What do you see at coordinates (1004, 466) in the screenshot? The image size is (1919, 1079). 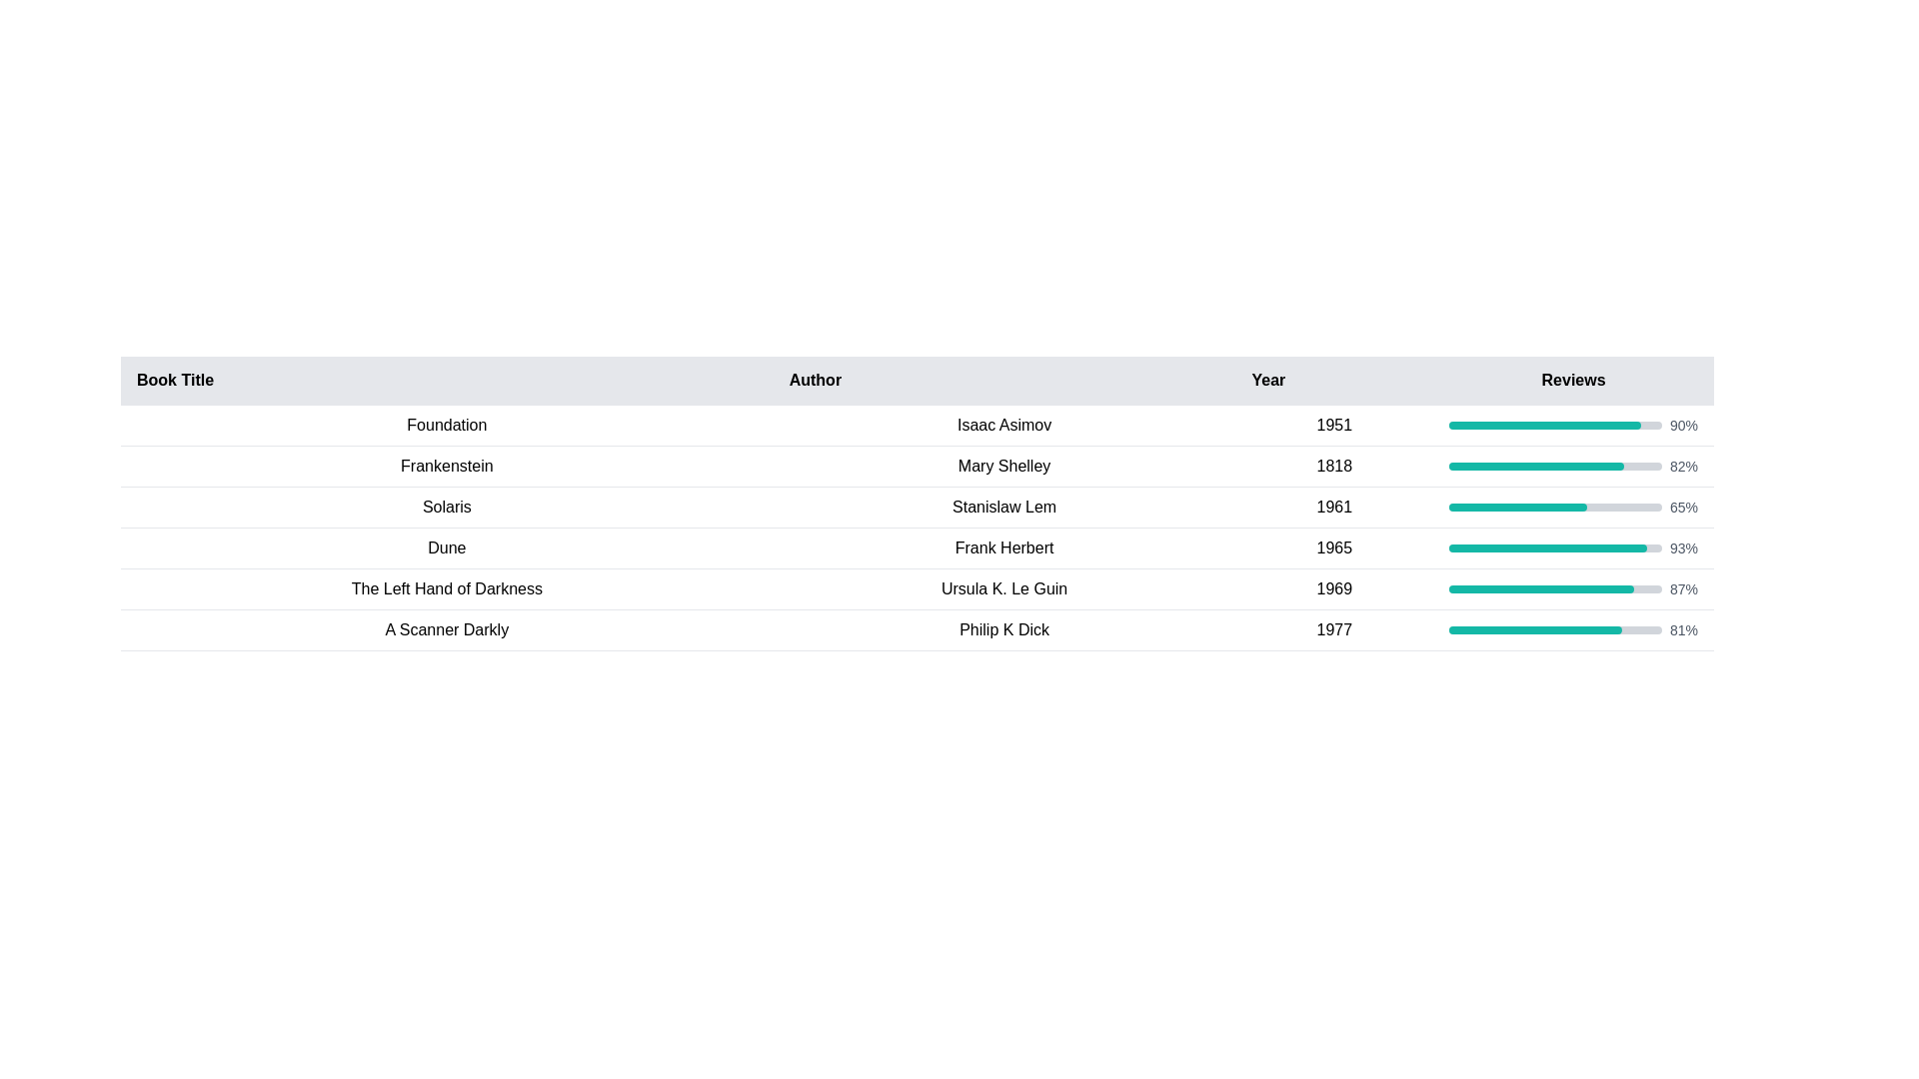 I see `the text label displaying 'Mary Shelley' in the 'Author' column of the table related to the book 'Frankenstein'` at bounding box center [1004, 466].